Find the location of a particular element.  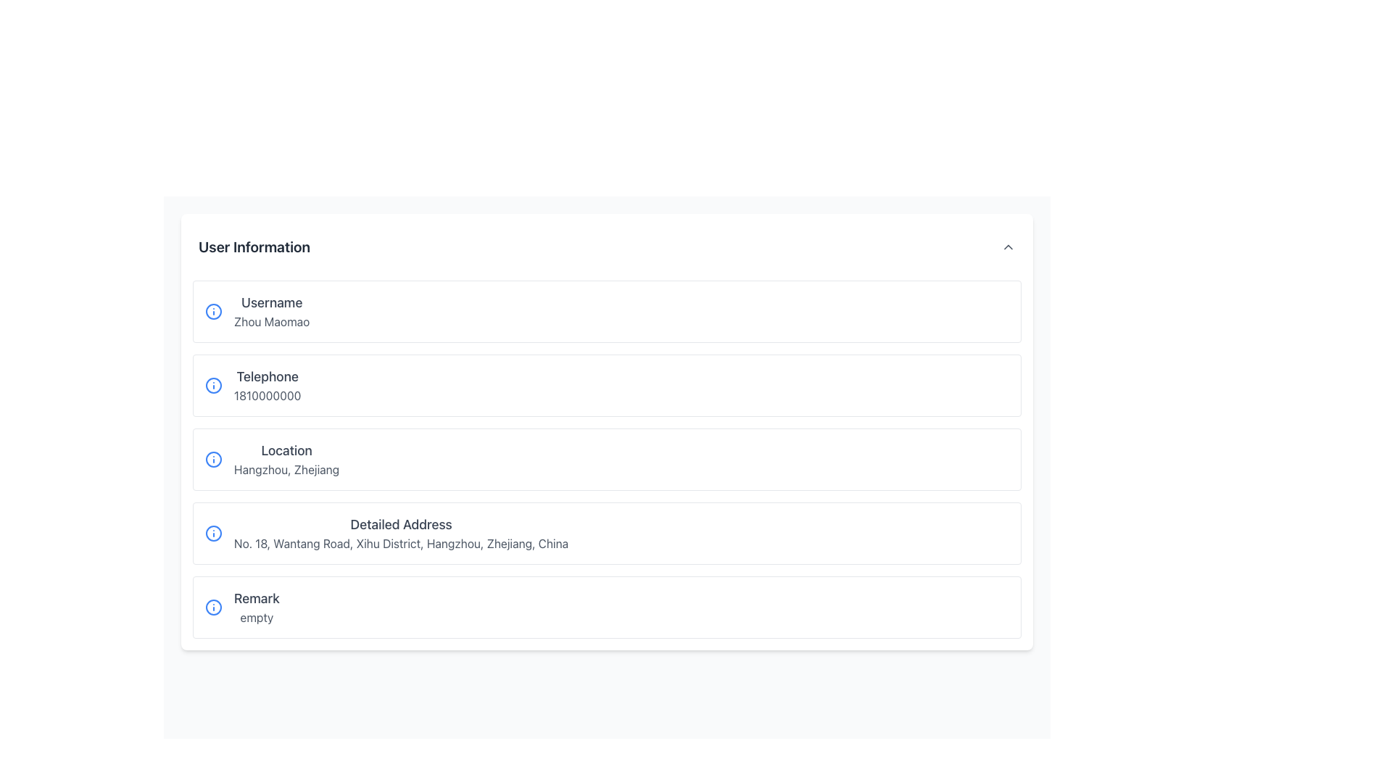

the blue informational icon displaying an 'i' symbol located in the top-left corner of the 'Detailed Address' section for information is located at coordinates (212, 534).